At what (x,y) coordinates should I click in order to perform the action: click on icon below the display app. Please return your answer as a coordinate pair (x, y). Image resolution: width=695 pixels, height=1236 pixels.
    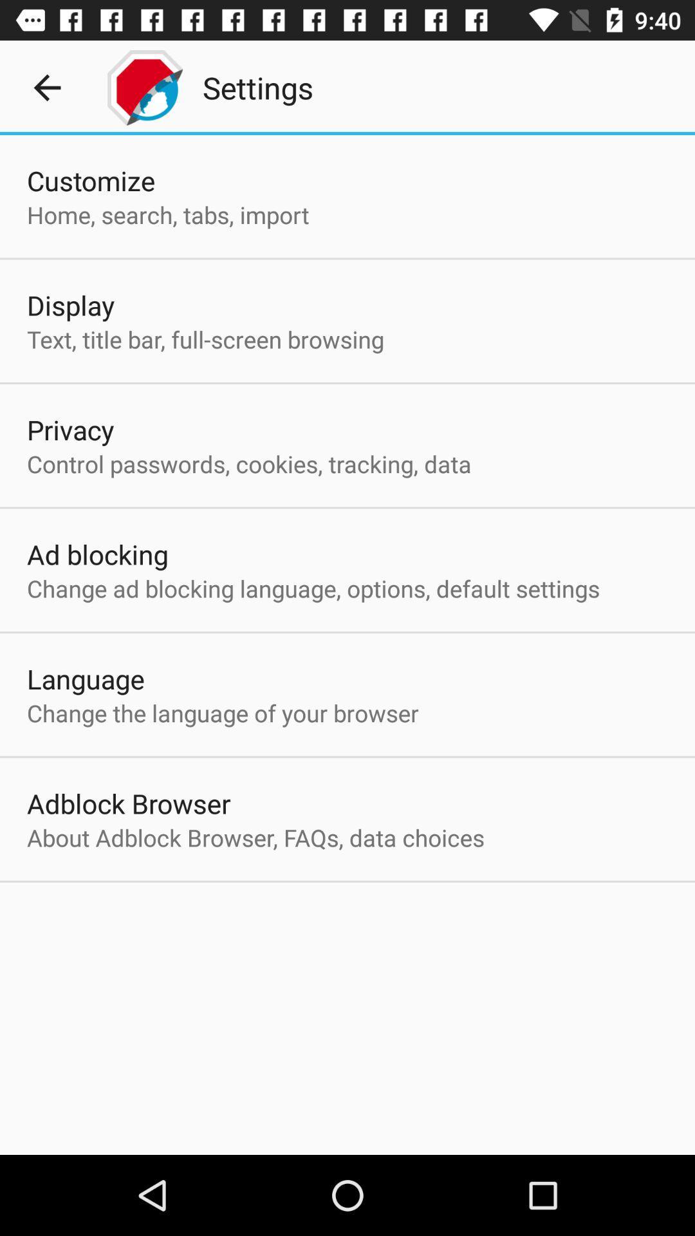
    Looking at the image, I should click on (205, 339).